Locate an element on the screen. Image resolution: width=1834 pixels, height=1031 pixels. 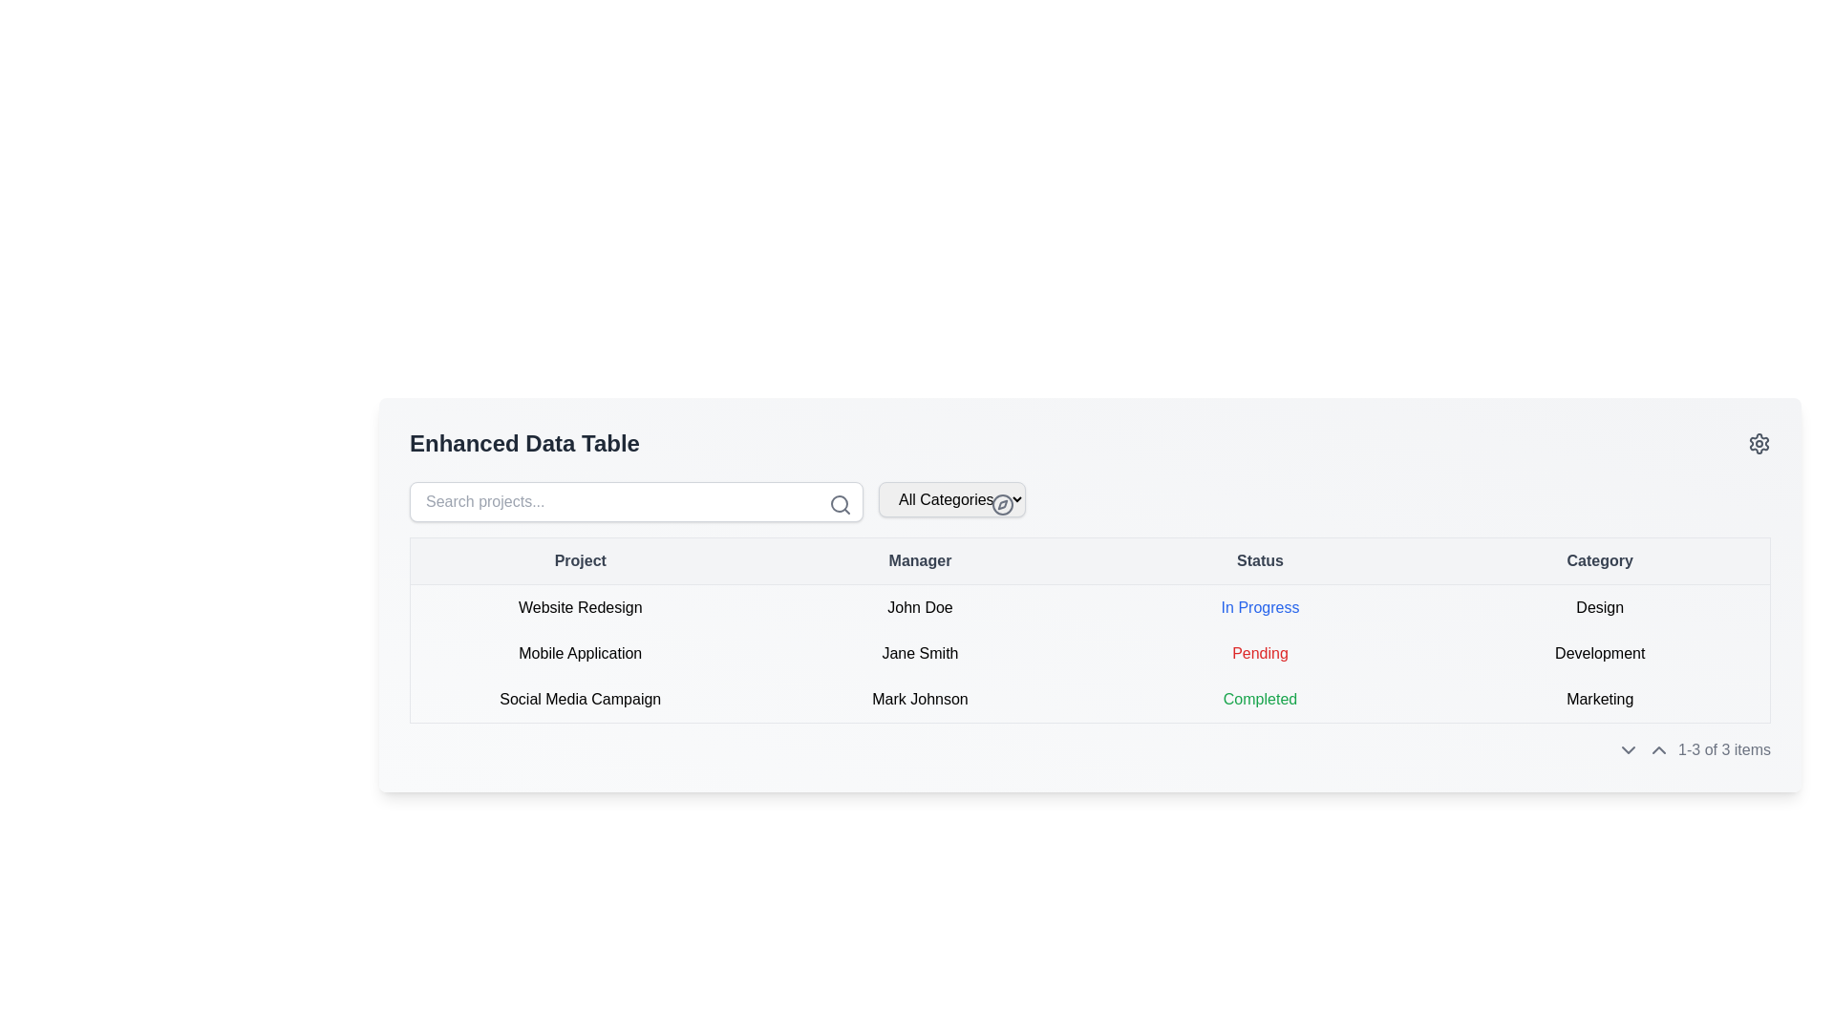
the label displaying the name 'Jane Smith' which is located in the 'Manager' column of the 'Mobile Application' row in the structured table is located at coordinates (920, 653).